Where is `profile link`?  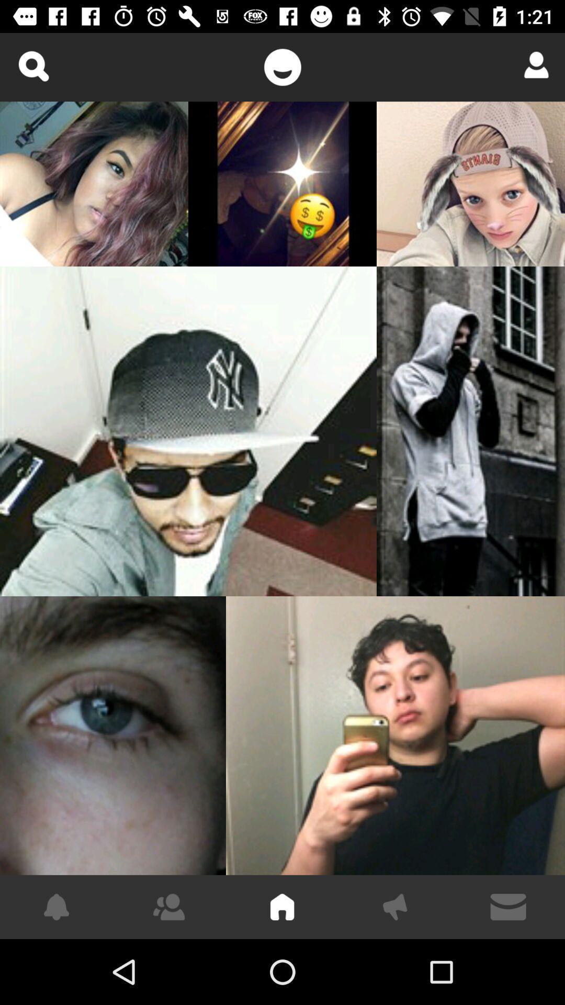
profile link is located at coordinates (533, 64).